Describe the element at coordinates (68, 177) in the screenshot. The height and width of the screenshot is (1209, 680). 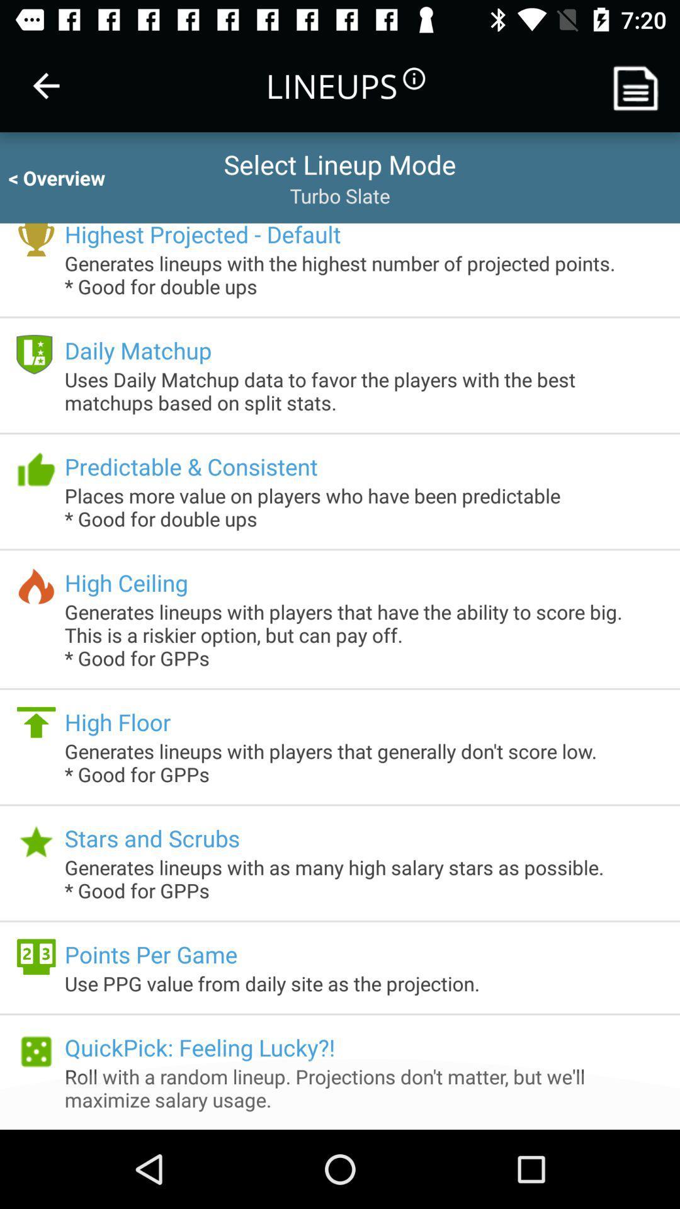
I see `the item next to the select lineup mode item` at that location.